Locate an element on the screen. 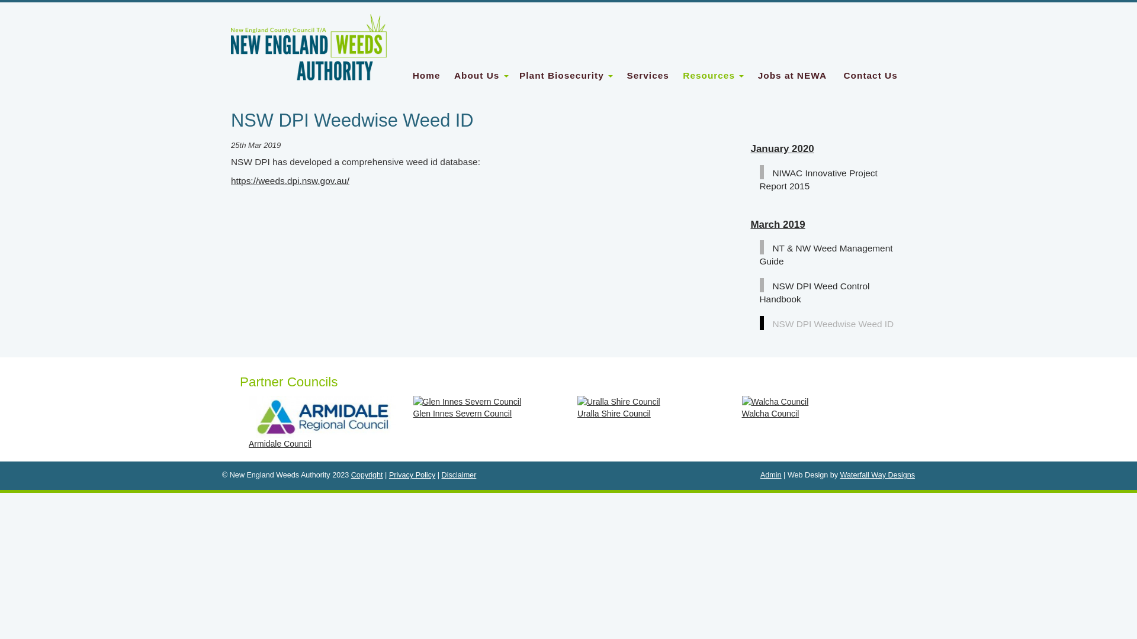 This screenshot has height=639, width=1137. 'Home' is located at coordinates (426, 75).